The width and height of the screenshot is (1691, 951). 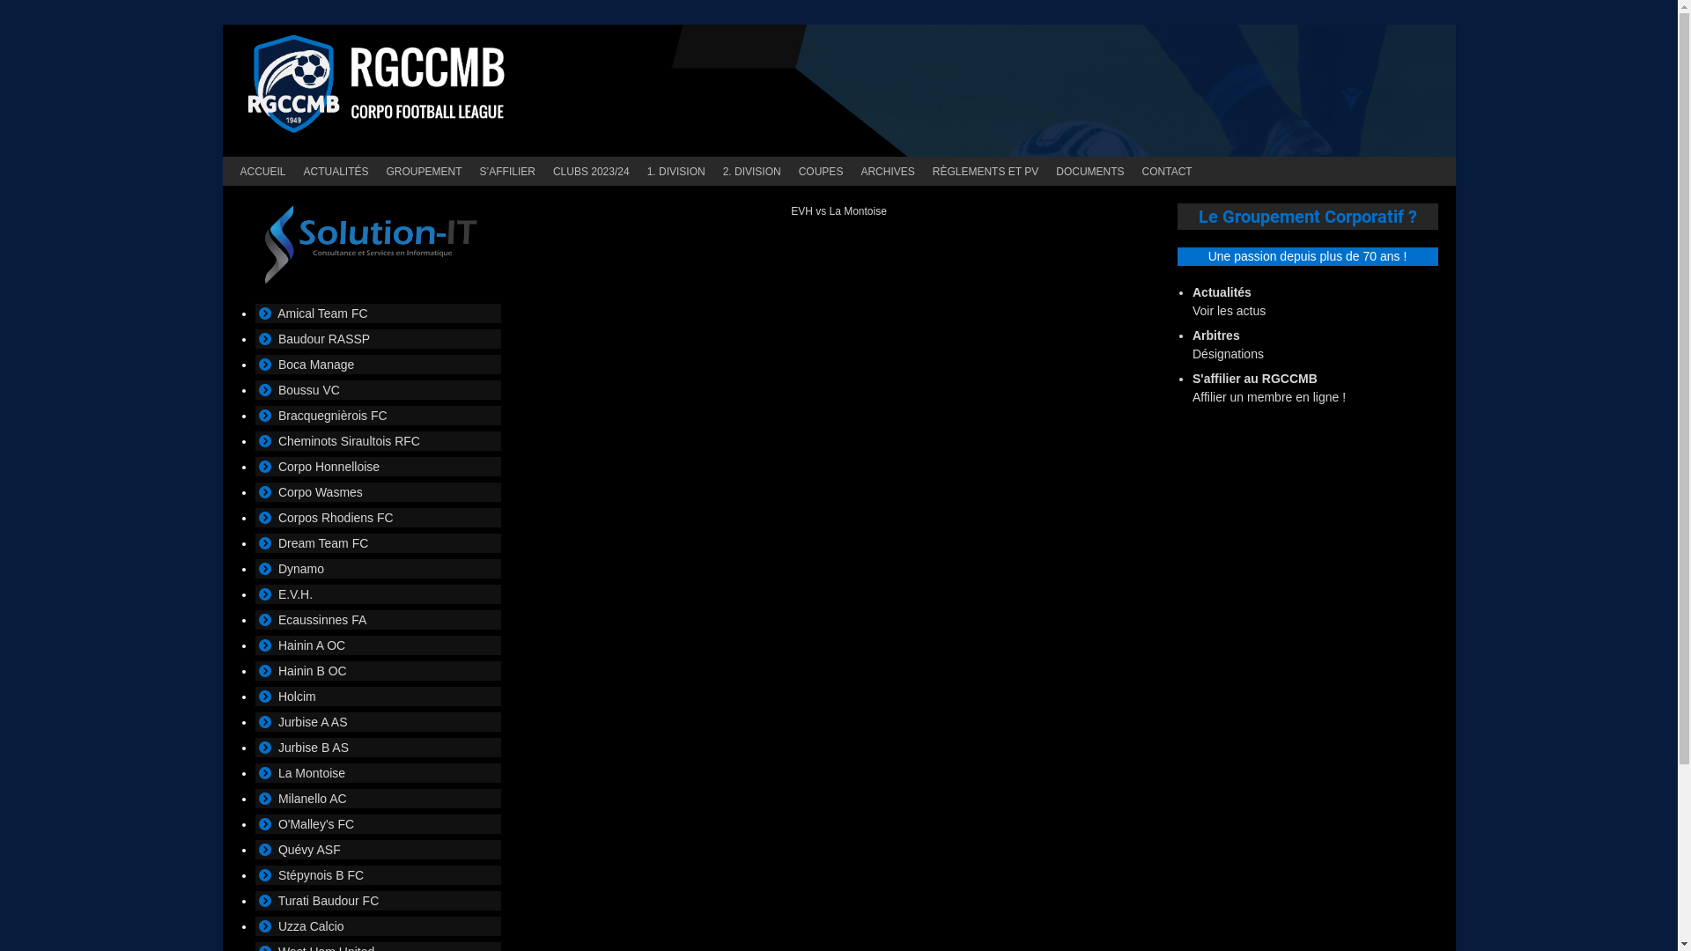 I want to click on 'Corpo Wasmes', so click(x=321, y=492).